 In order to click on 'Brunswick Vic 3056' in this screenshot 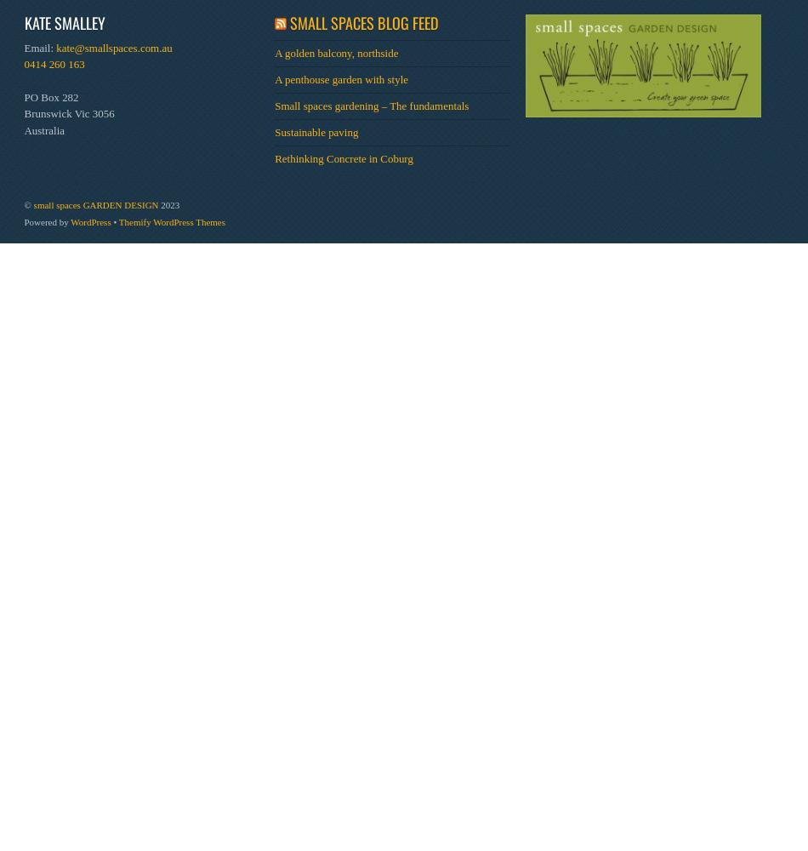, I will do `click(69, 113)`.